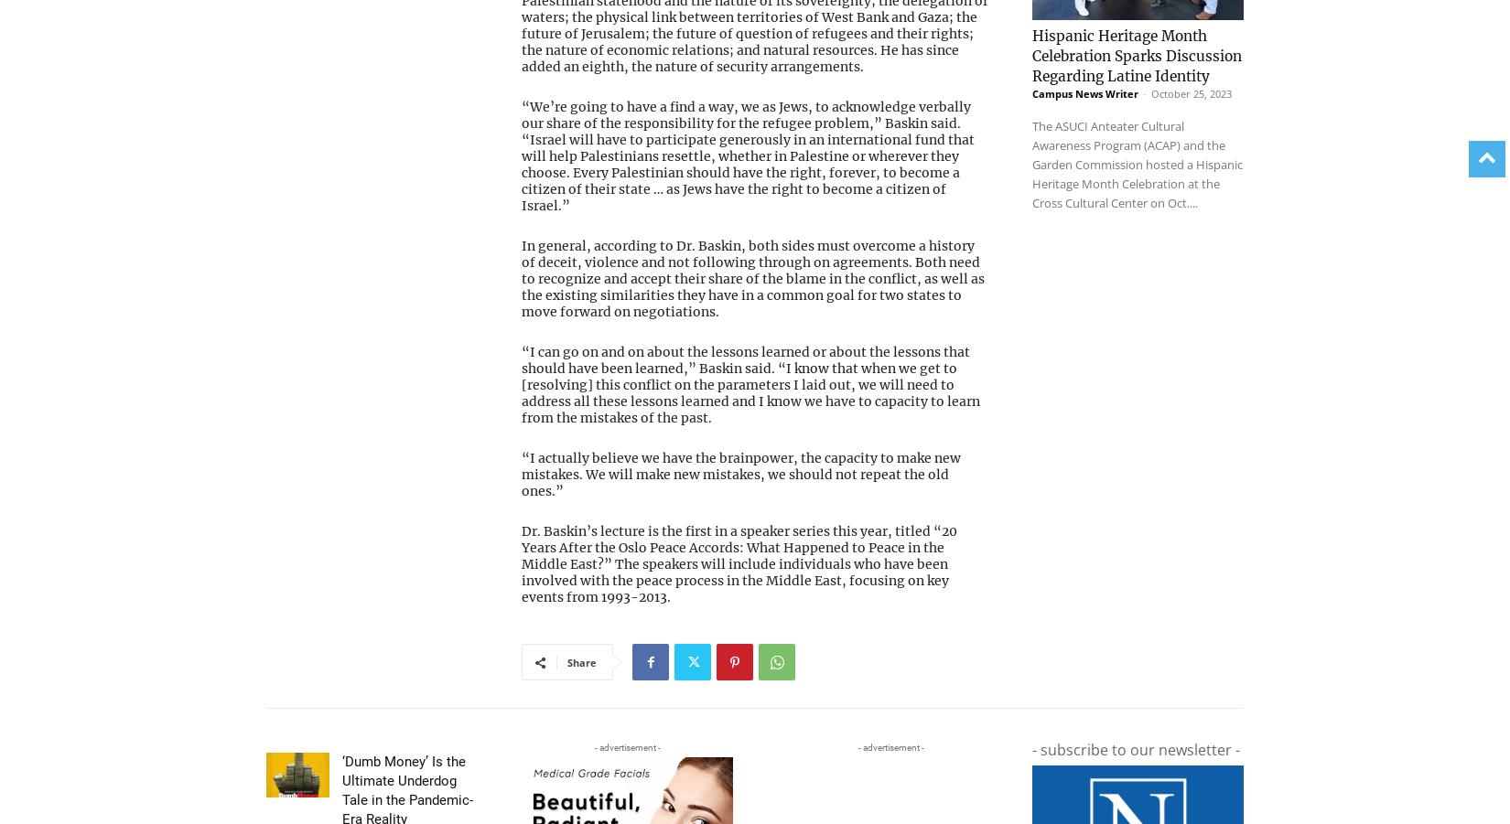 Image resolution: width=1510 pixels, height=824 pixels. What do you see at coordinates (1191, 55) in the screenshot?
I see `'October 25, 2023'` at bounding box center [1191, 55].